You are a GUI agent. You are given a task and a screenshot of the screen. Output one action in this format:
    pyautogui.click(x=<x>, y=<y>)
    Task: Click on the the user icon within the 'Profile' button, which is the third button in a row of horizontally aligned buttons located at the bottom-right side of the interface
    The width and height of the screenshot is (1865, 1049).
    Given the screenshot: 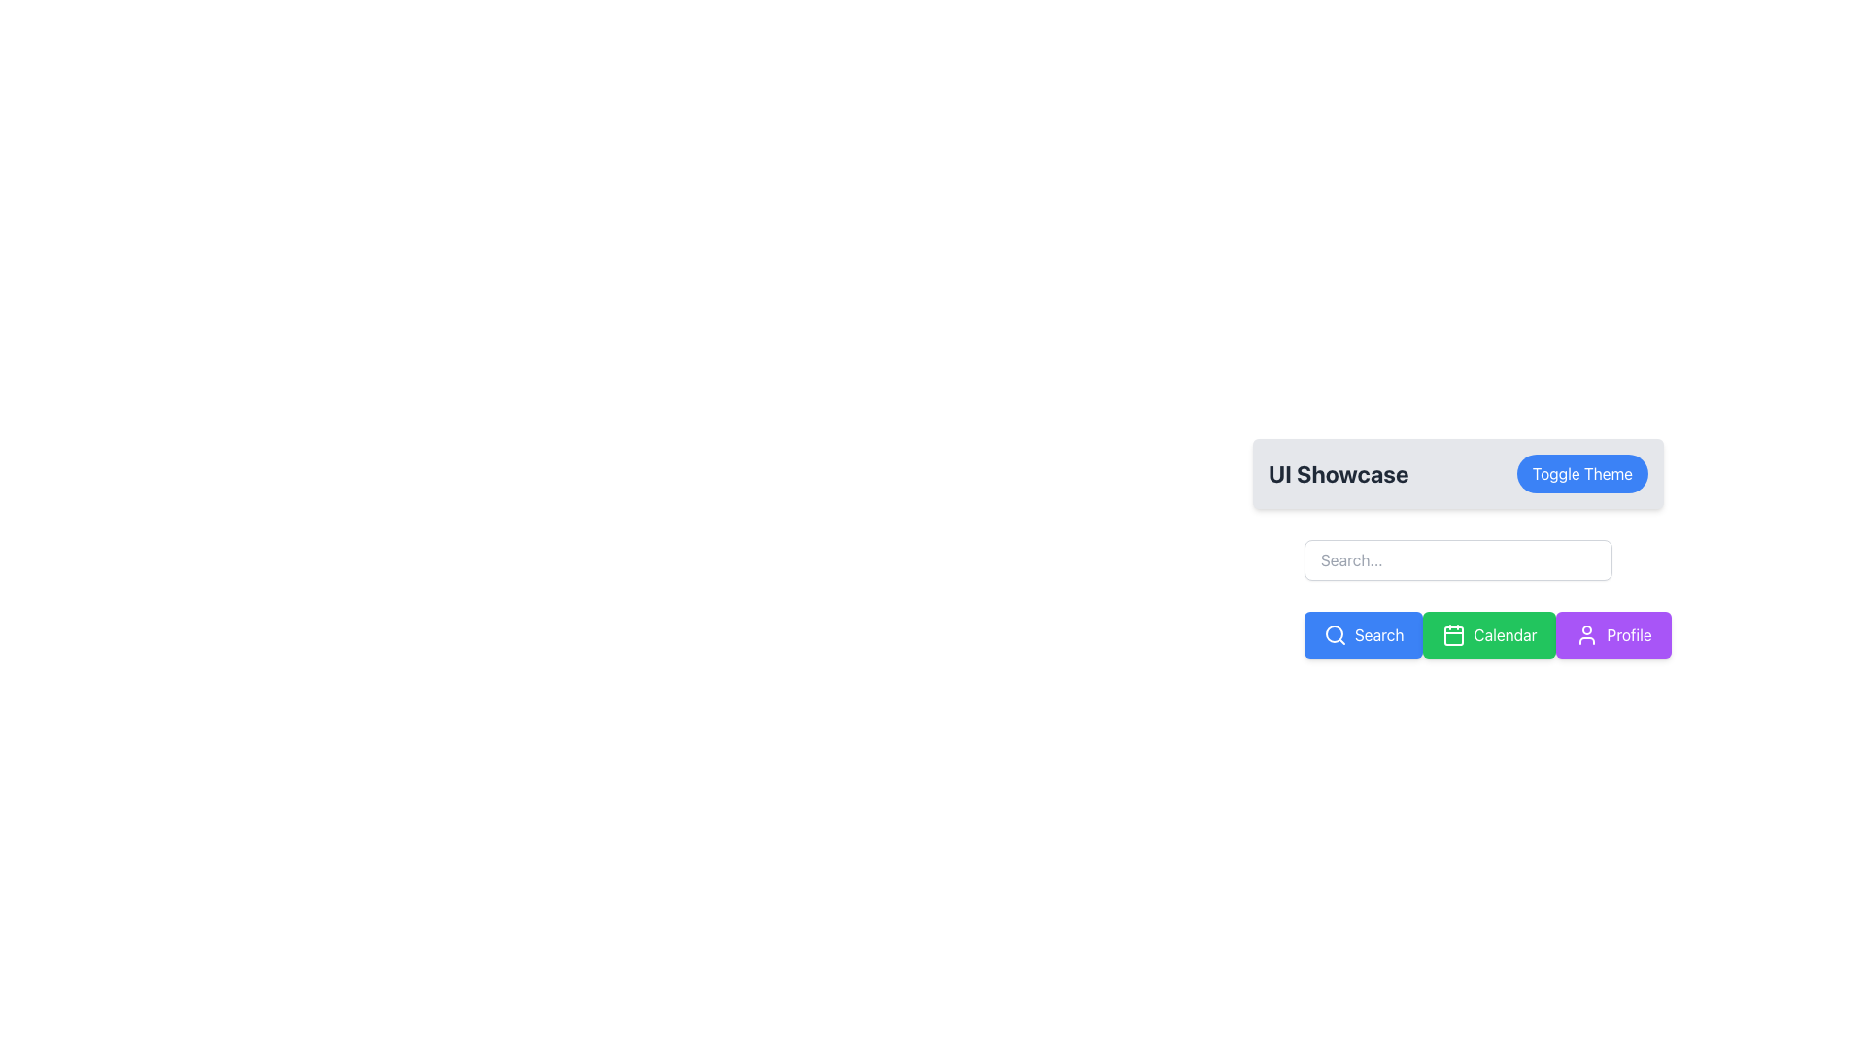 What is the action you would take?
    pyautogui.click(x=1587, y=635)
    